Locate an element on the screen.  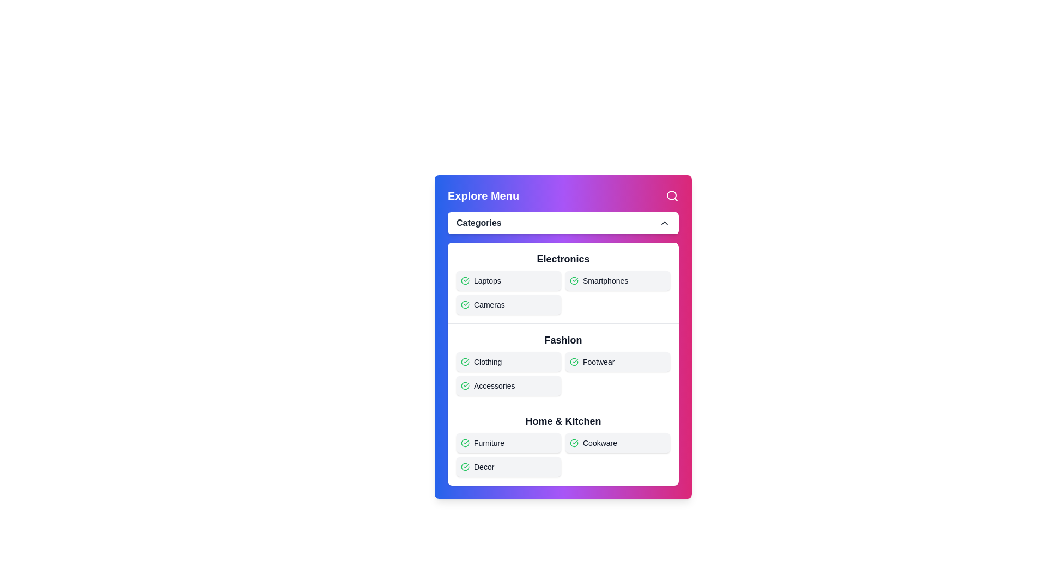
the circular SVG element of the magnifying glass icon located at the top-right corner of the card-like interface panel is located at coordinates (671, 194).